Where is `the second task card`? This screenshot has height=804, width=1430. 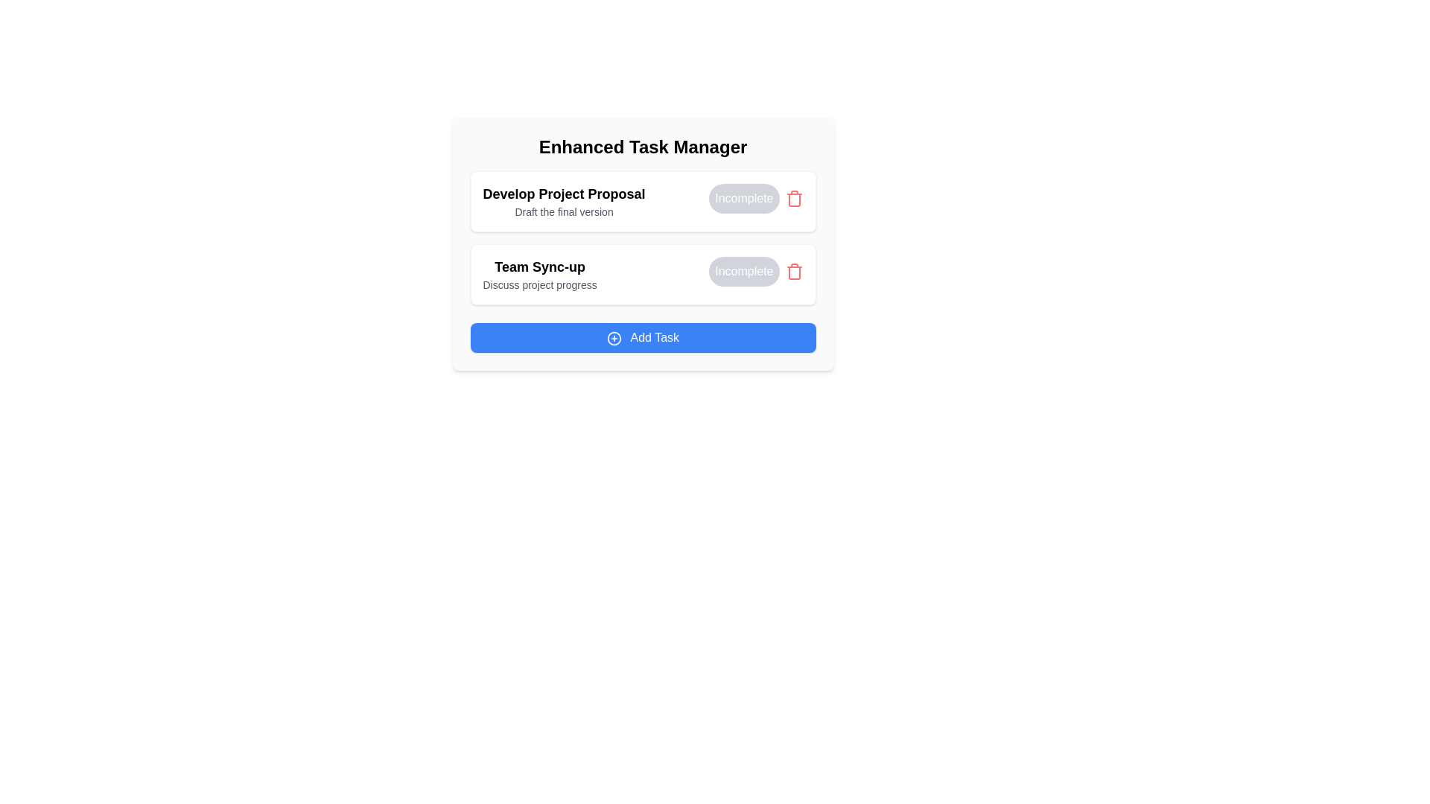
the second task card is located at coordinates (643, 275).